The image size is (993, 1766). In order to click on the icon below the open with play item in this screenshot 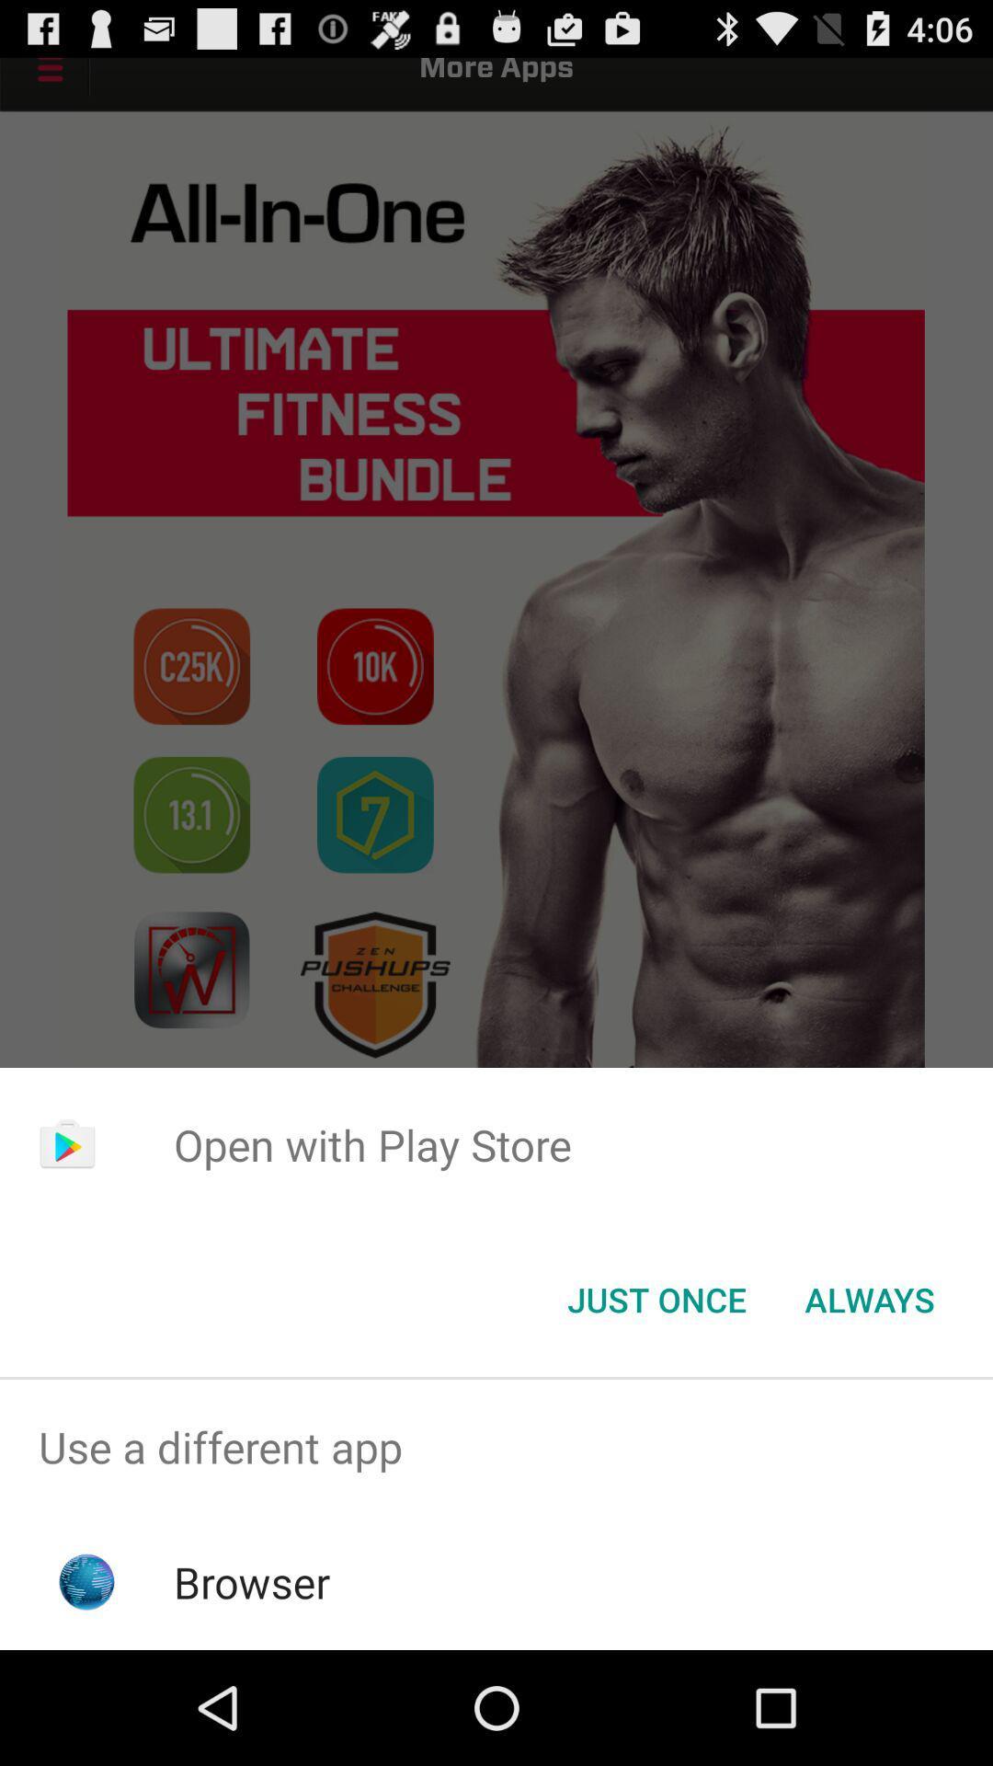, I will do `click(869, 1298)`.